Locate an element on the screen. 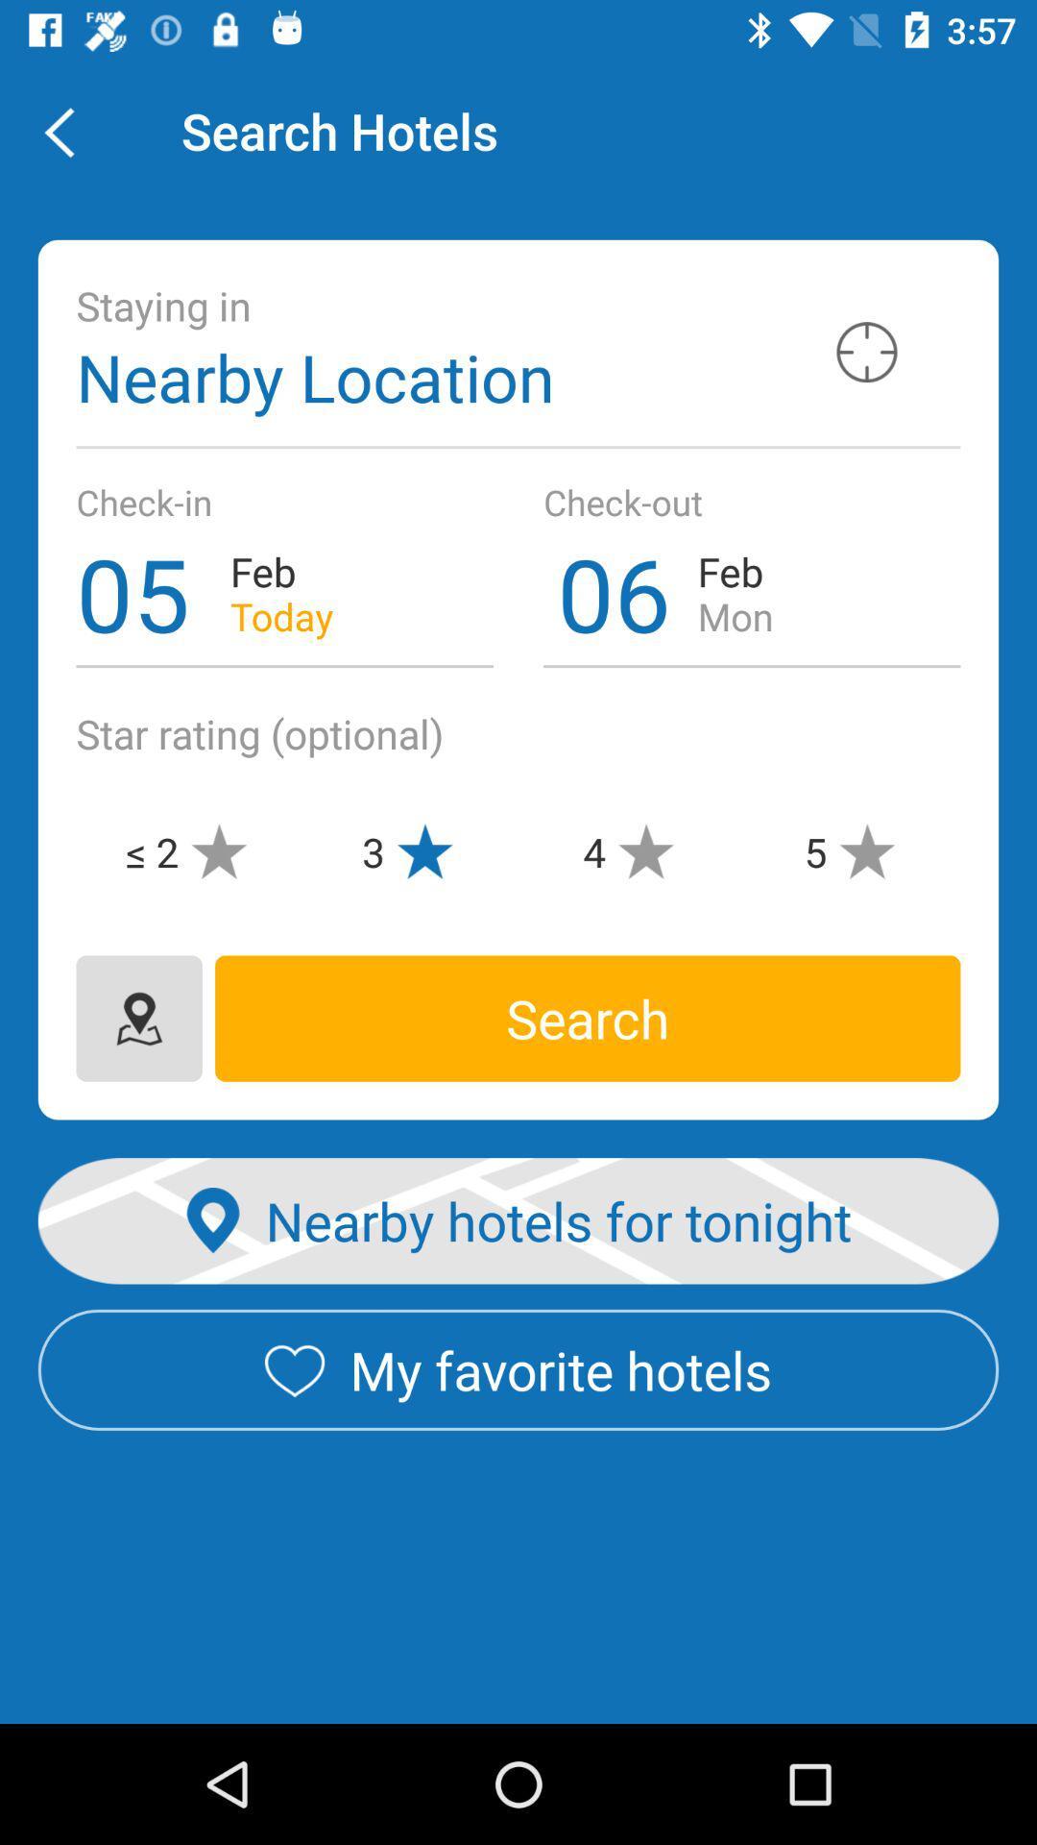  location is located at coordinates (866, 352).